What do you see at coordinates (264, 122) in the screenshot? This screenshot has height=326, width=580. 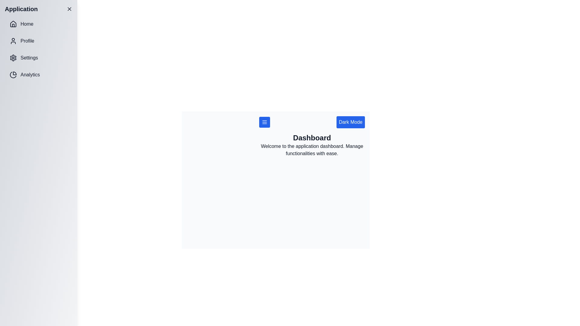 I see `the blue icon button with three white horizontal lines stacked vertically, located` at bounding box center [264, 122].